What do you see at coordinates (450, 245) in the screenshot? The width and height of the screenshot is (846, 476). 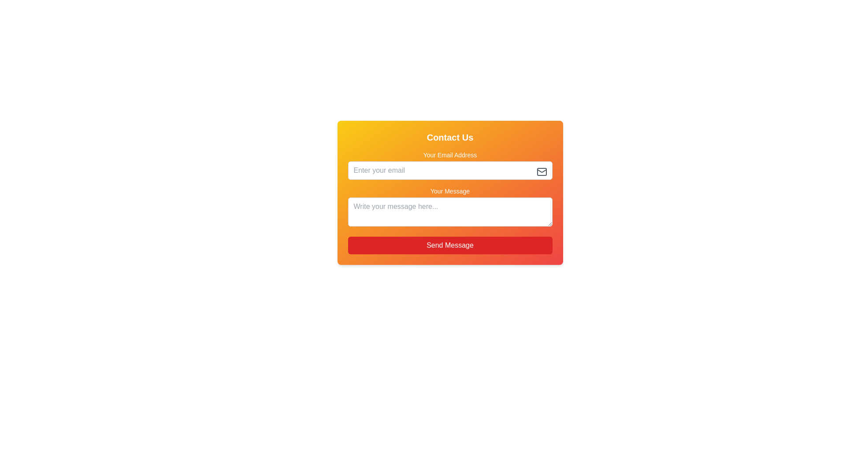 I see `the submit button located at the bottom section of the 'Contact Us' card to change its appearance` at bounding box center [450, 245].